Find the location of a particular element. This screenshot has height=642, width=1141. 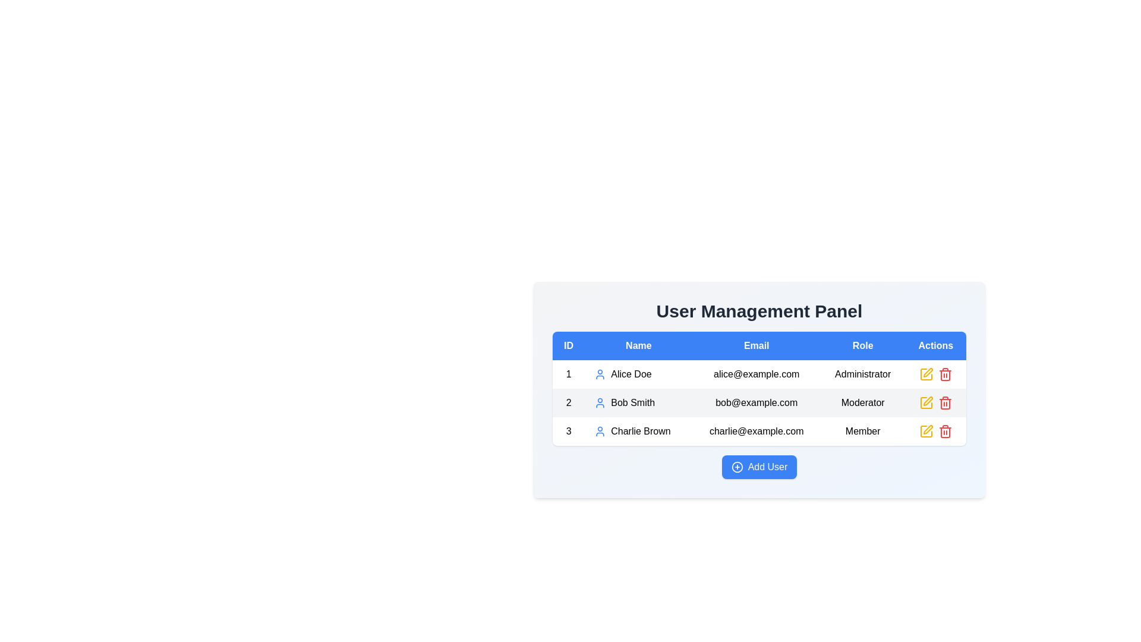

the red trash bin icon button located in the Actions column of the third row corresponding to user Charlie Brown is located at coordinates (944, 373).